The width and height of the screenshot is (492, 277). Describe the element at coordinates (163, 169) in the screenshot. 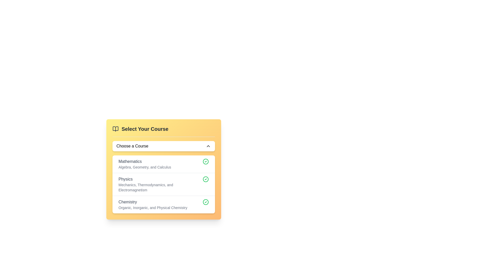

I see `the text block titled 'Select Your Course' which contains options like 'Mathematics' to highlight it` at that location.